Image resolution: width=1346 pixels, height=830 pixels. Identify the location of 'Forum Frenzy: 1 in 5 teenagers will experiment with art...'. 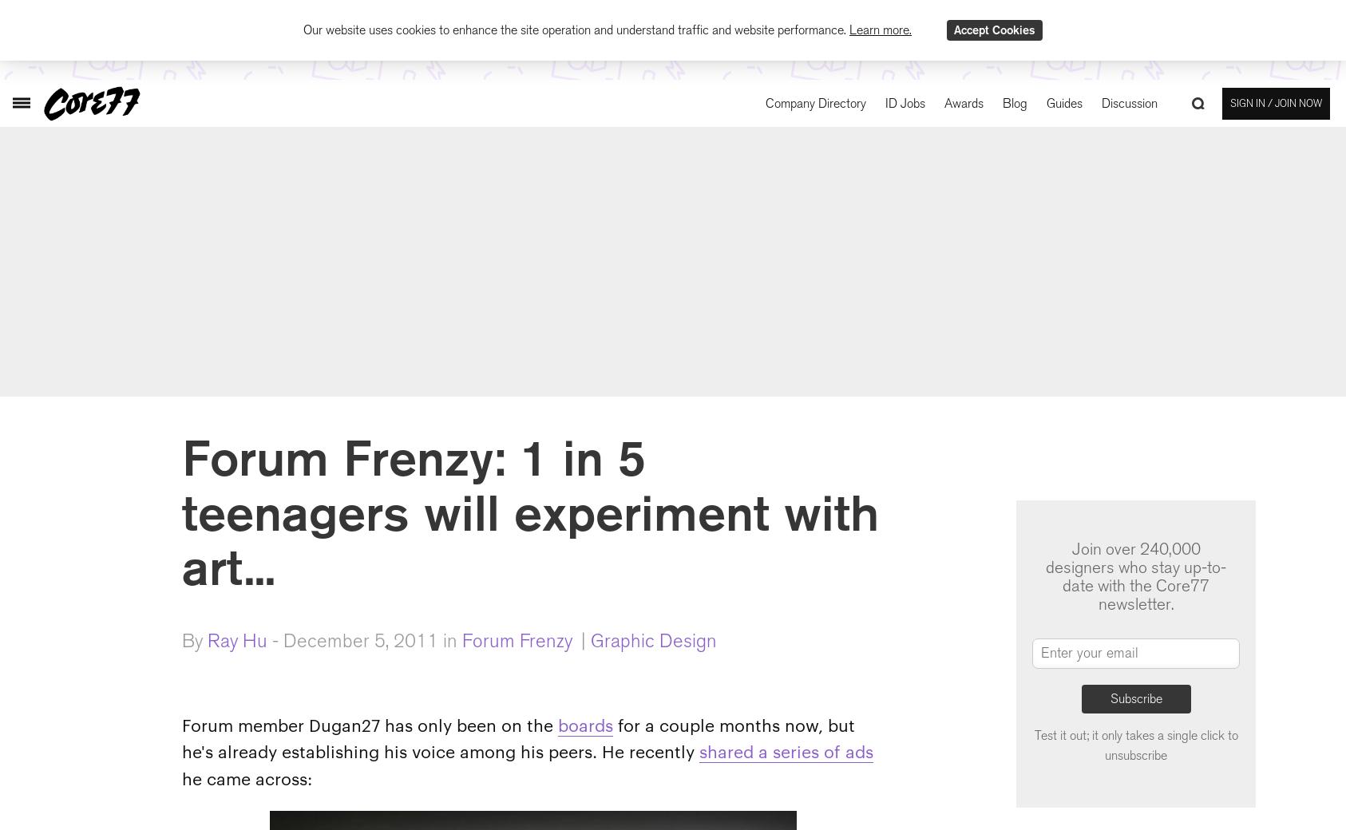
(529, 511).